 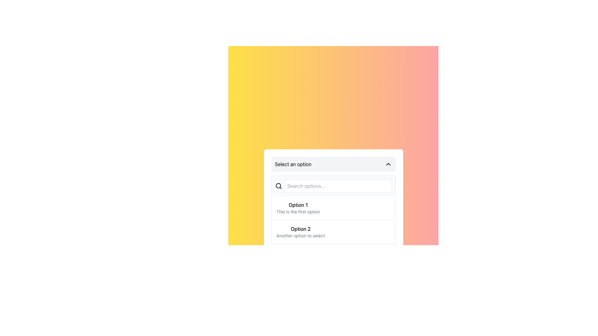 I want to click on the text label that reads 'Option 2' within the dropdown menu, so click(x=301, y=229).